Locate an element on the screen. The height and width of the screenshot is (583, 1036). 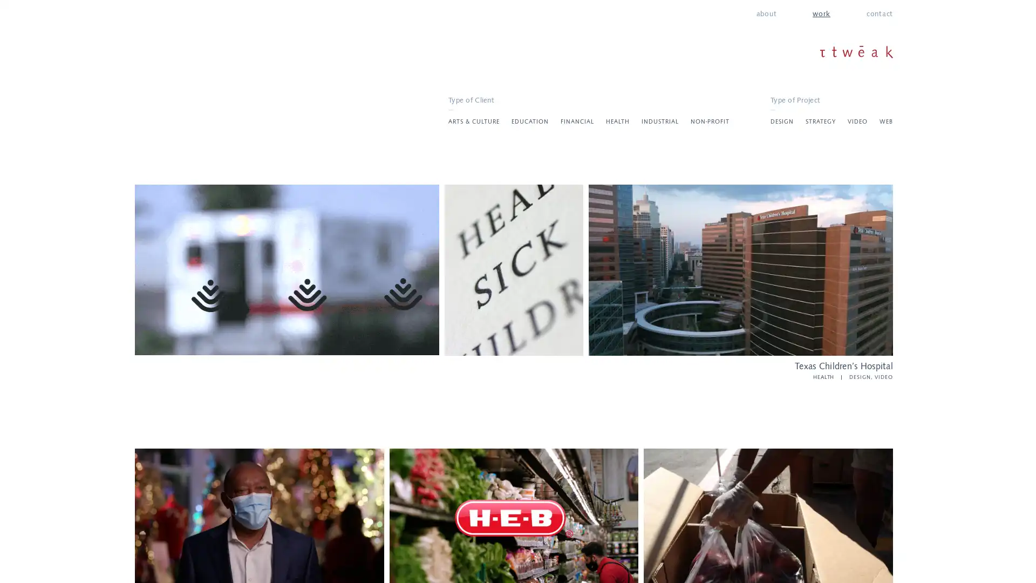
INDUSTRIAL is located at coordinates (659, 121).